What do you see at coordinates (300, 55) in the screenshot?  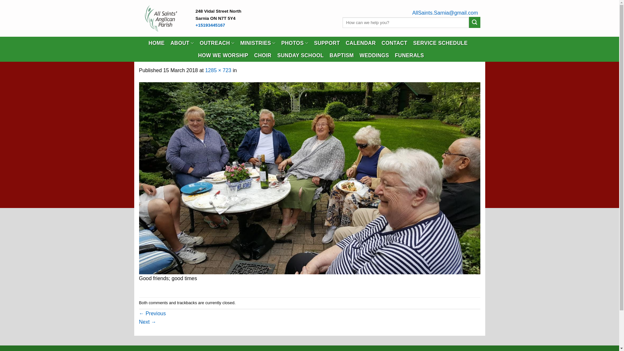 I see `'SUNDAY SCHOOL'` at bounding box center [300, 55].